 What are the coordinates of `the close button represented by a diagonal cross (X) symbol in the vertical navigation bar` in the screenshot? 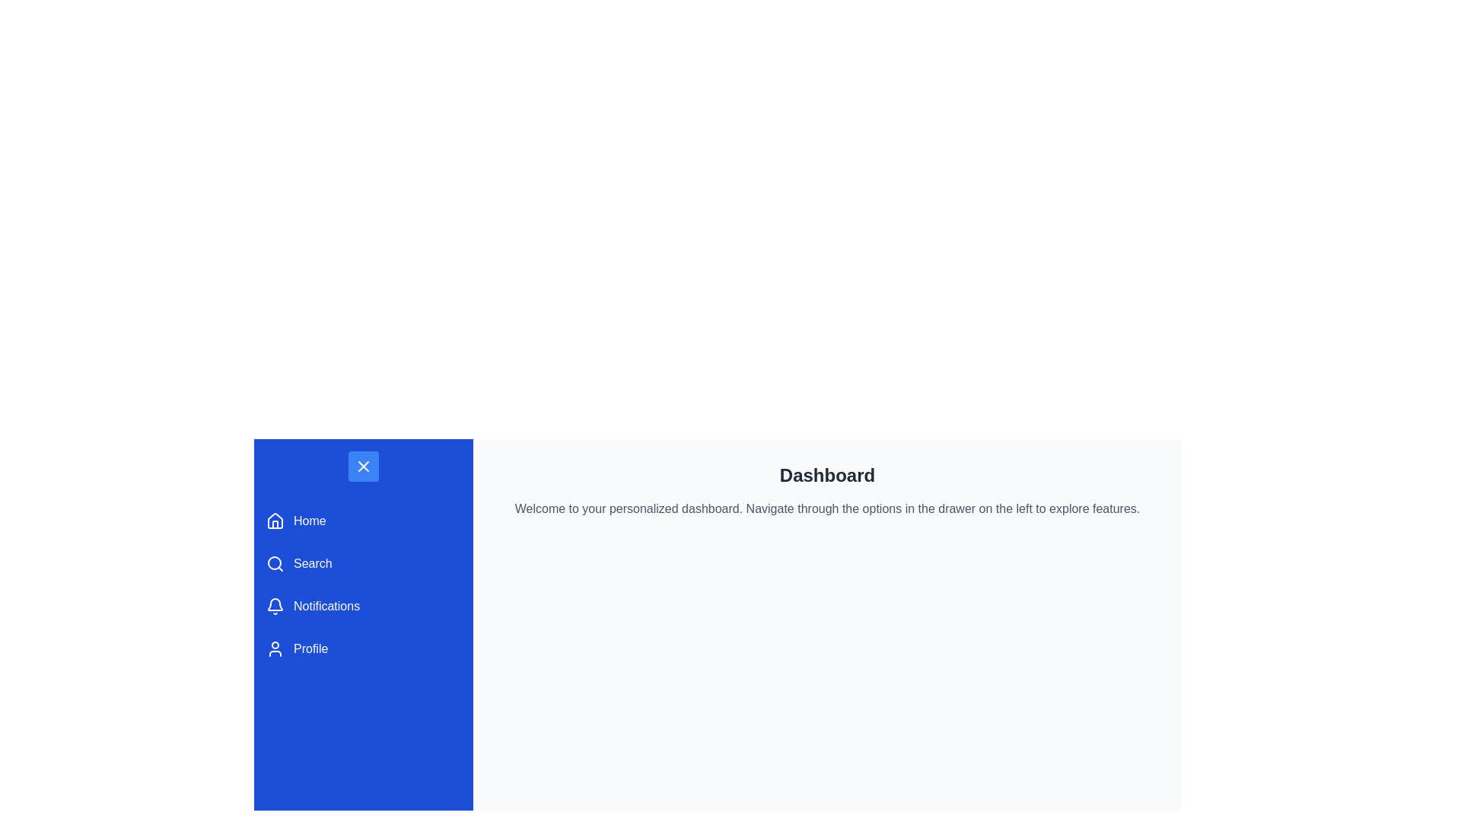 It's located at (363, 466).